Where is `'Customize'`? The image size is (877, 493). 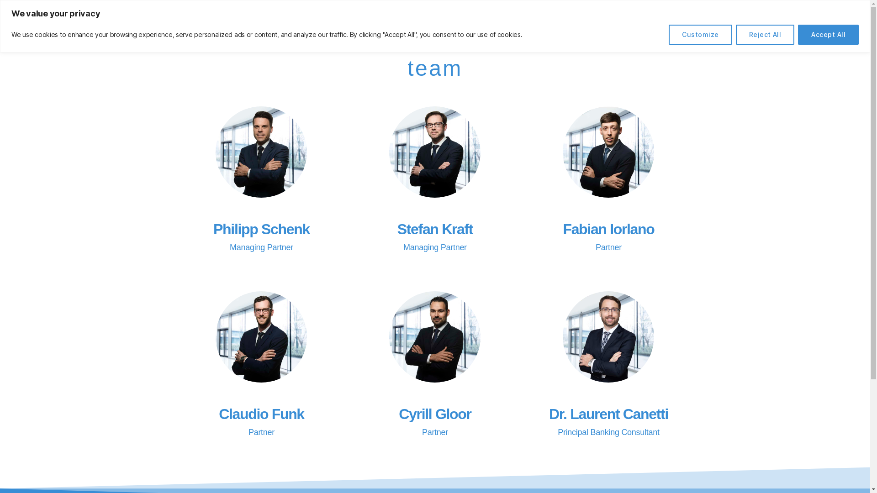
'Customize' is located at coordinates (699, 34).